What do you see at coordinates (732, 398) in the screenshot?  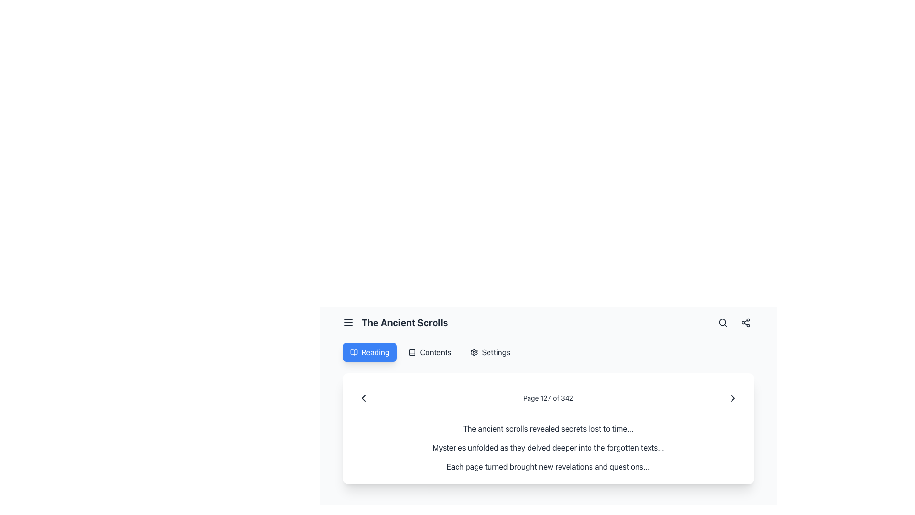 I see `the circular button with a right-pointing arrow located at the far right side of the 'Page 127 of 342' summary section` at bounding box center [732, 398].